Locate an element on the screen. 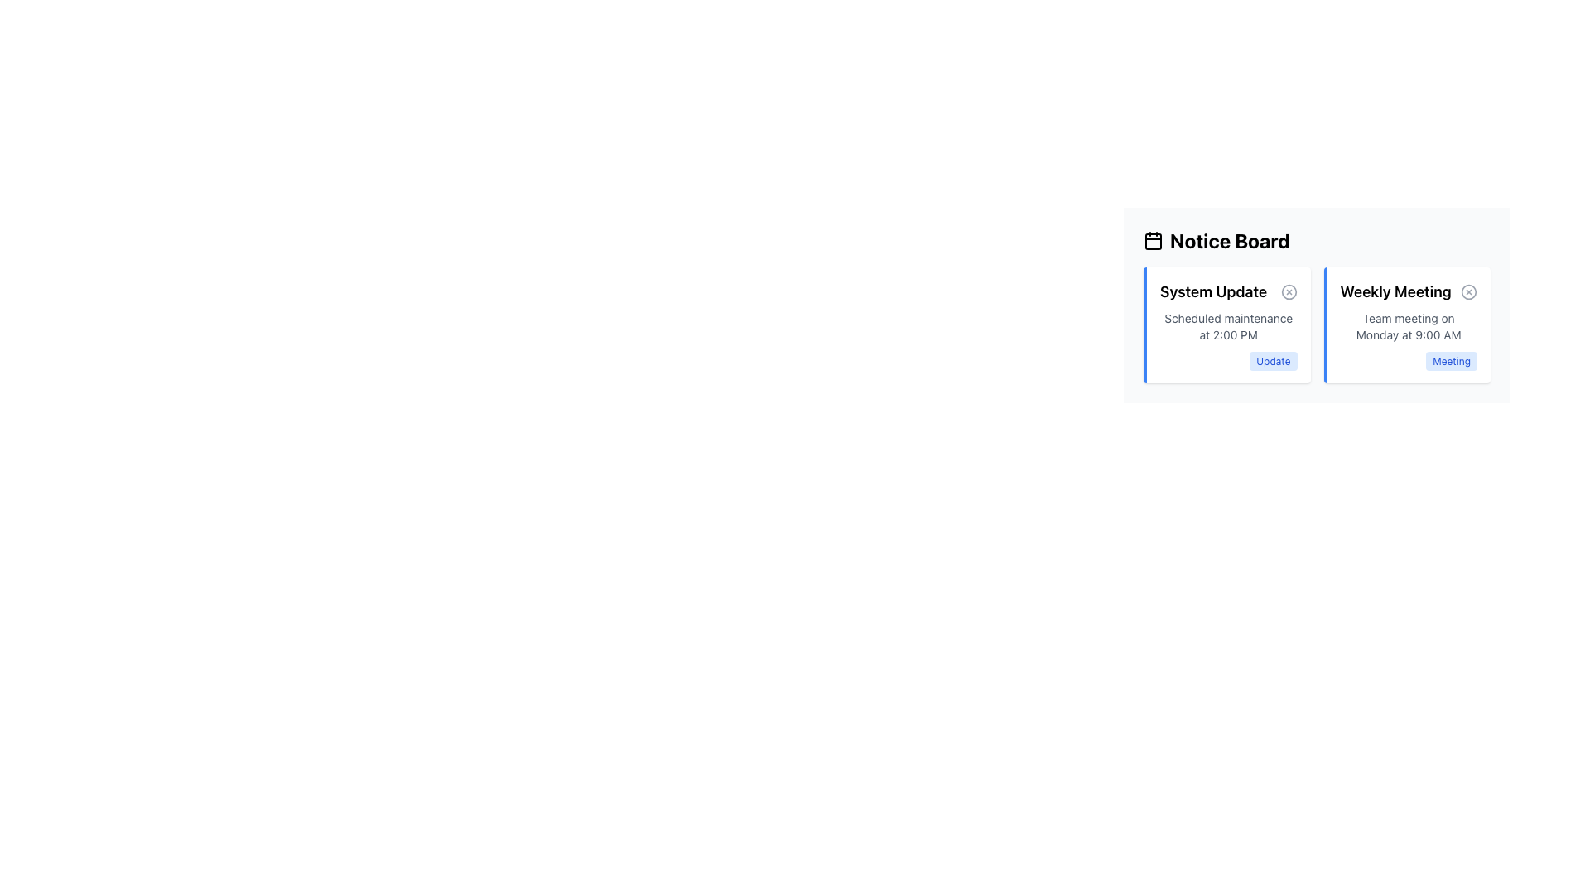 The image size is (1590, 894). the Text Label that displays the title of the notice in the second notice box under the 'Notice Board' section is located at coordinates (1408, 291).